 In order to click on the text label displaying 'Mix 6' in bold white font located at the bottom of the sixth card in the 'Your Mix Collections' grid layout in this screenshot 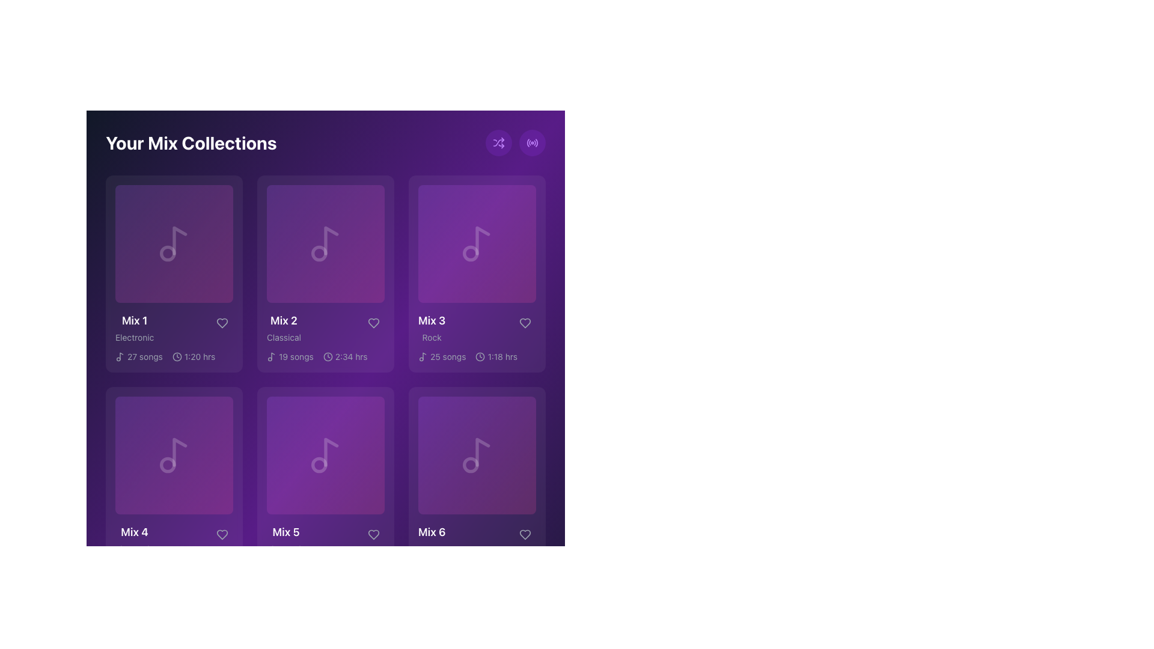, I will do `click(432, 532)`.